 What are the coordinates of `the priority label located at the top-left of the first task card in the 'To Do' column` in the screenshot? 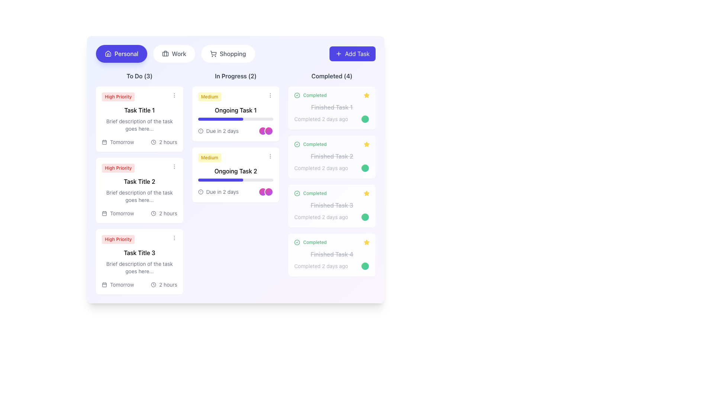 It's located at (118, 97).